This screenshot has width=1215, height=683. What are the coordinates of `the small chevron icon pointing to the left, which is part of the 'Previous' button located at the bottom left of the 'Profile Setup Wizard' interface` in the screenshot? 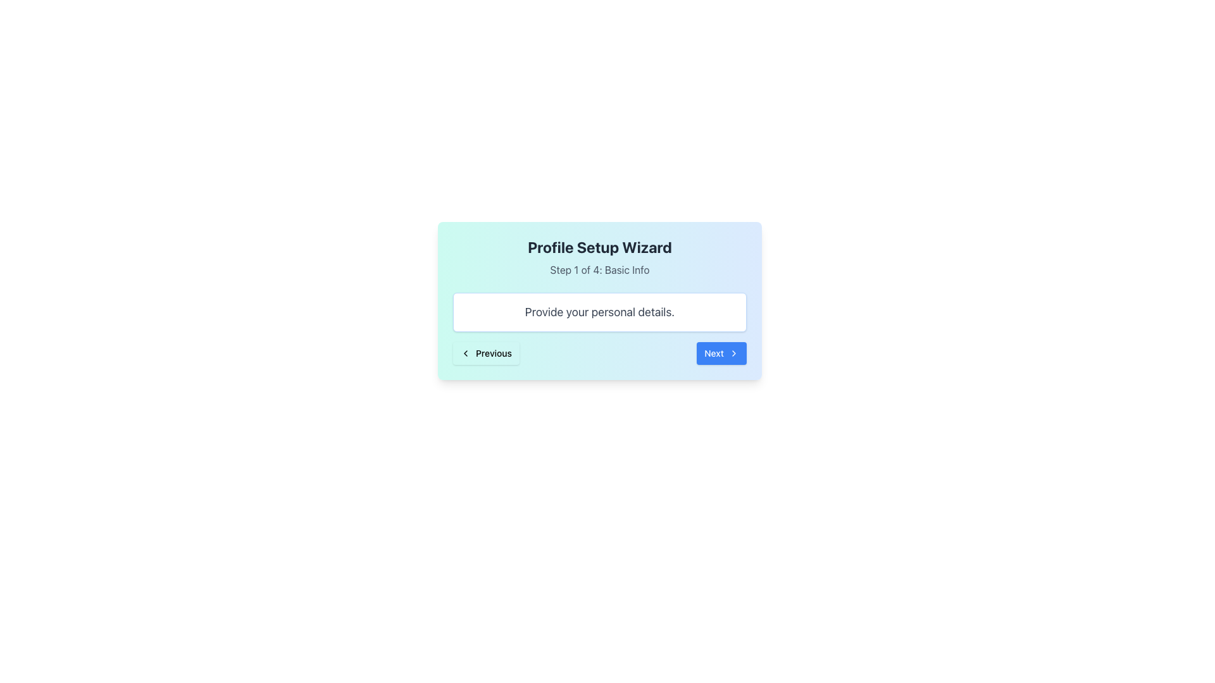 It's located at (464, 354).